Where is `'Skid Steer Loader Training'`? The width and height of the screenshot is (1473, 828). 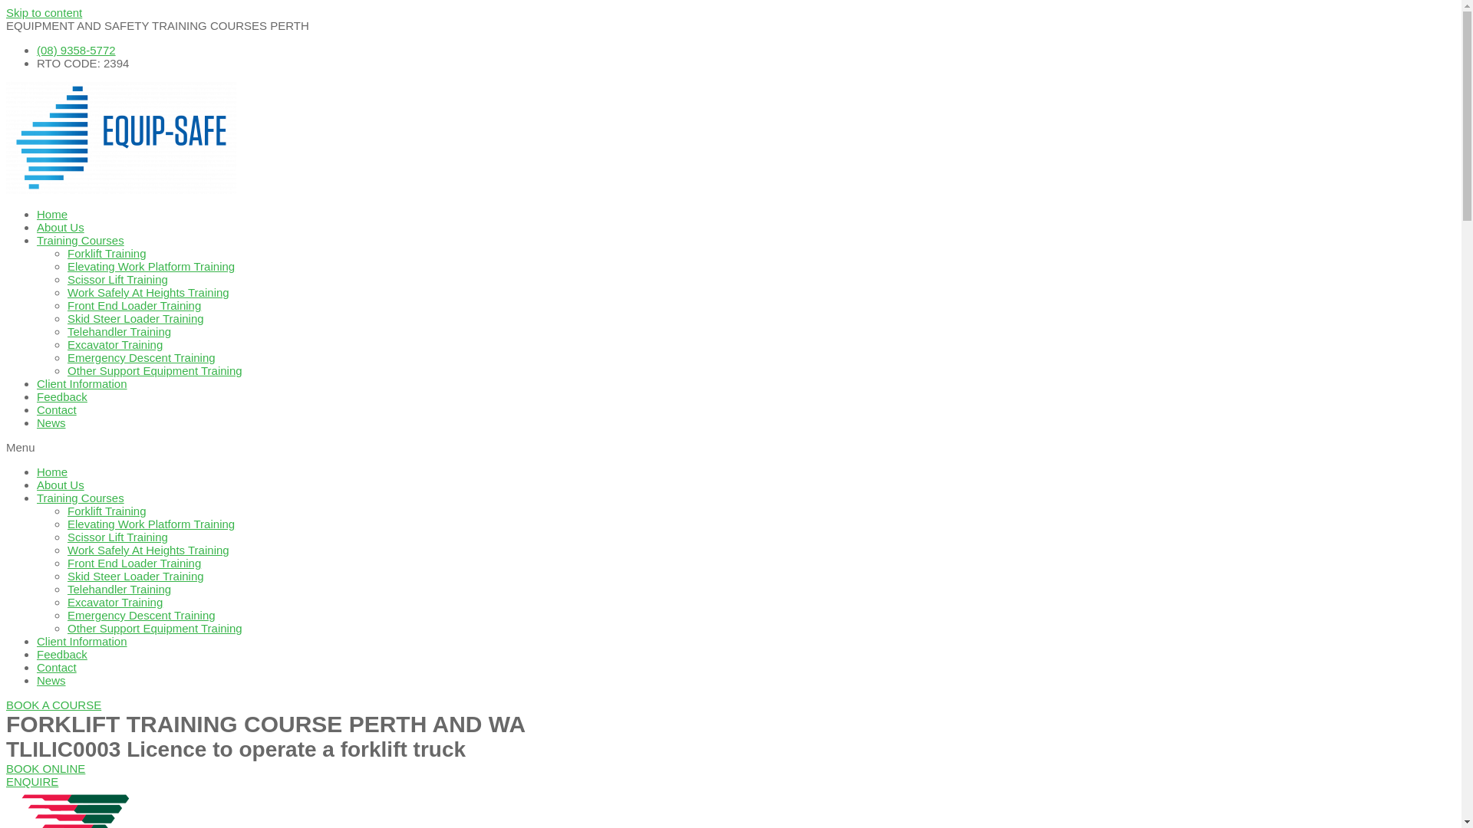 'Skid Steer Loader Training' is located at coordinates (136, 576).